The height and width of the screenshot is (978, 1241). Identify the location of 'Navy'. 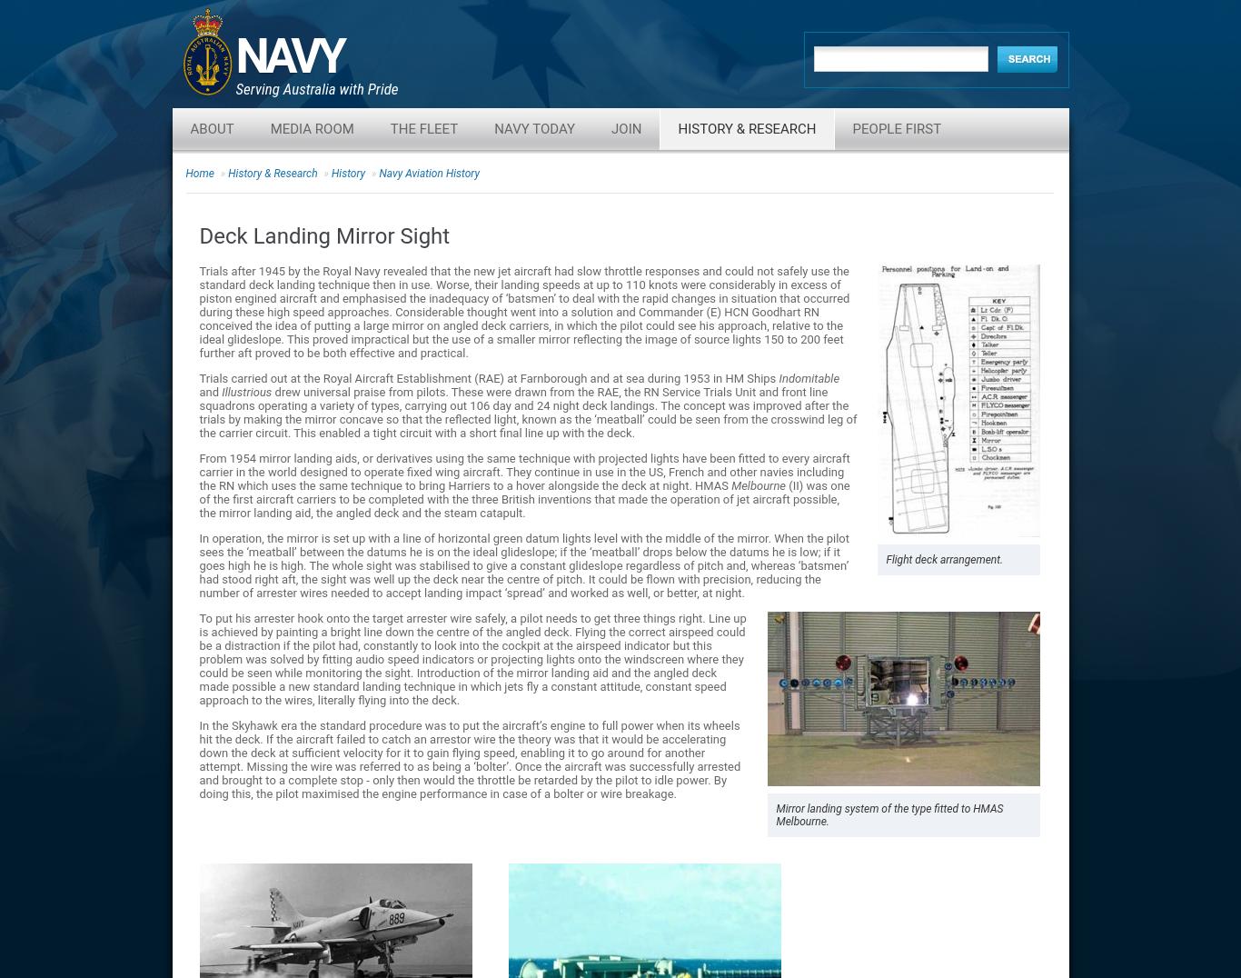
(288, 55).